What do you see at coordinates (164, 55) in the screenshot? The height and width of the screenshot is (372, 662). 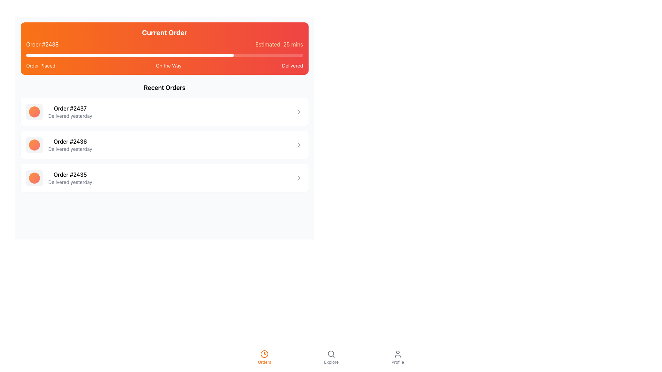 I see `the progress bar indicating the current status of the order, located in the top section under 'Current Order.'` at bounding box center [164, 55].